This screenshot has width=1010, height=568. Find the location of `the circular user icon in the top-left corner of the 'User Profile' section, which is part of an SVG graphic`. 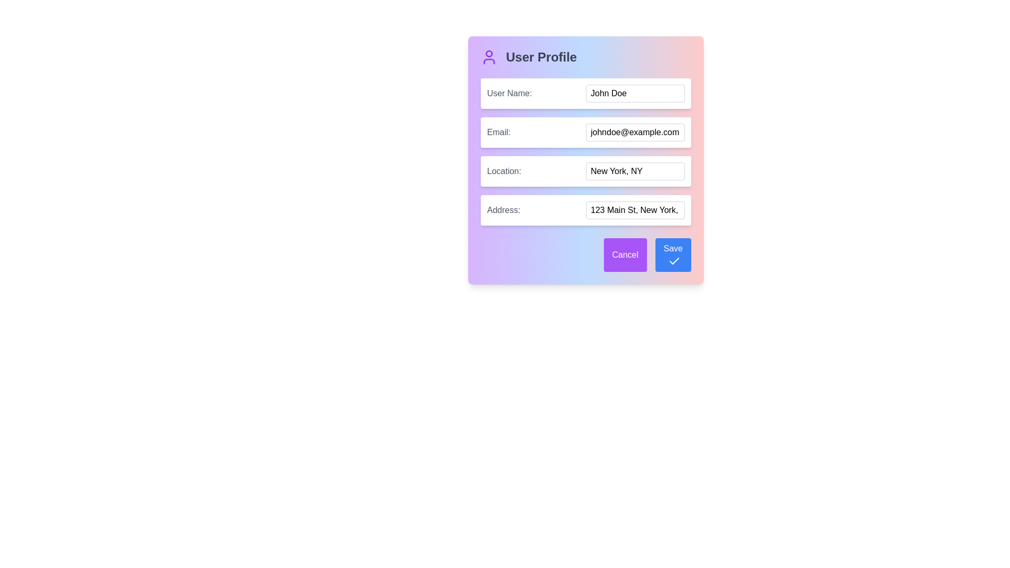

the circular user icon in the top-left corner of the 'User Profile' section, which is part of an SVG graphic is located at coordinates (489, 53).